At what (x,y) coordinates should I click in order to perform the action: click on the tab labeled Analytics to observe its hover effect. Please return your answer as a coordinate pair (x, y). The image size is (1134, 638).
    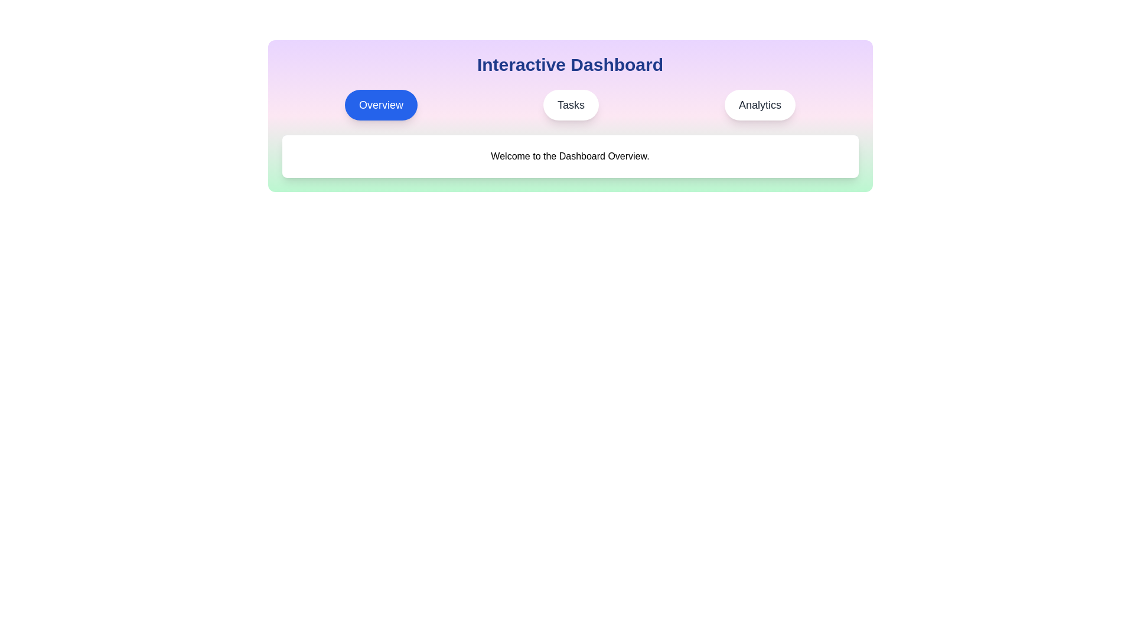
    Looking at the image, I should click on (760, 104).